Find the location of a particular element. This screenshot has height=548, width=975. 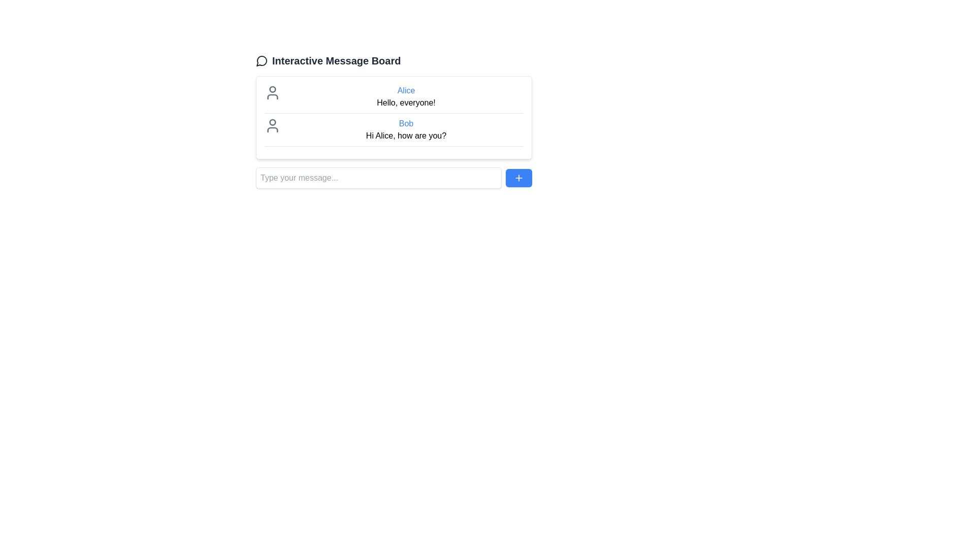

the author label text positioned at the center-right of the first message block, which is directly above the text 'Hello, everyone!' is located at coordinates (406, 90).